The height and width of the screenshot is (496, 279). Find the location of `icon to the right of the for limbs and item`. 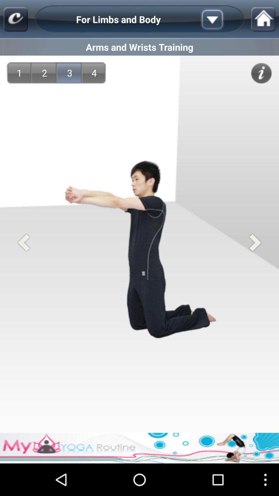

icon to the right of the for limbs and item is located at coordinates (220, 19).